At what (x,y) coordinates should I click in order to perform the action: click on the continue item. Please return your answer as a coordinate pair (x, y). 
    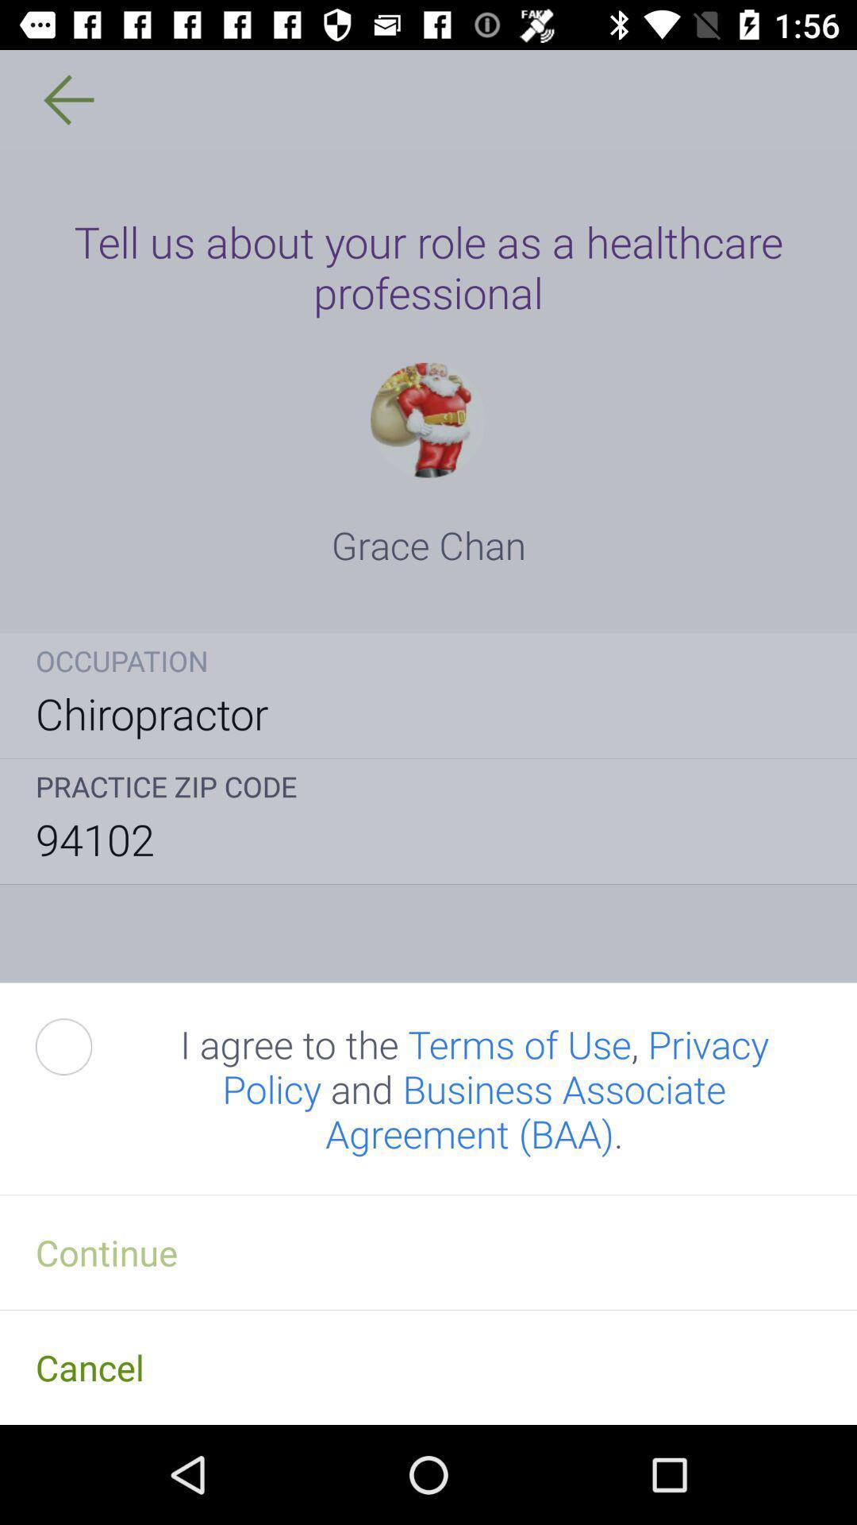
    Looking at the image, I should click on (428, 1251).